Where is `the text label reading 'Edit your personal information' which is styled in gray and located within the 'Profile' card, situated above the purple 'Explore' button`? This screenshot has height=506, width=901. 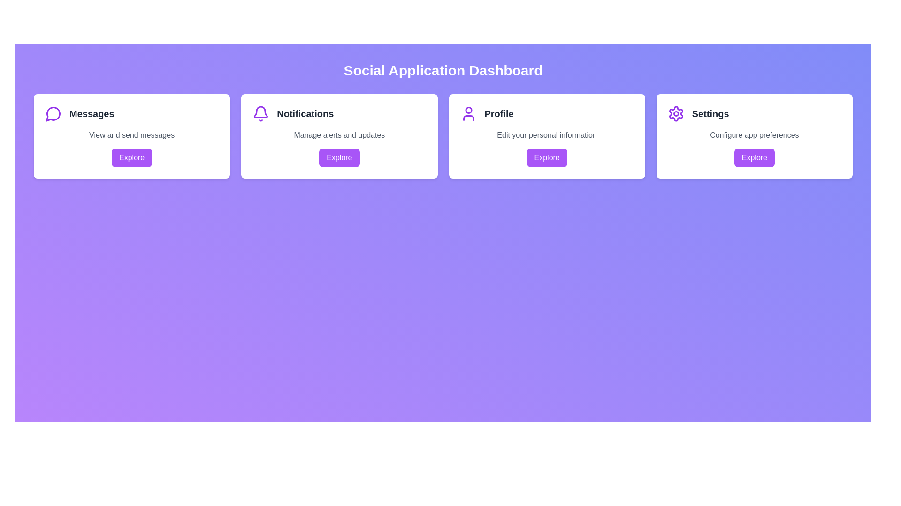
the text label reading 'Edit your personal information' which is styled in gray and located within the 'Profile' card, situated above the purple 'Explore' button is located at coordinates (547, 135).